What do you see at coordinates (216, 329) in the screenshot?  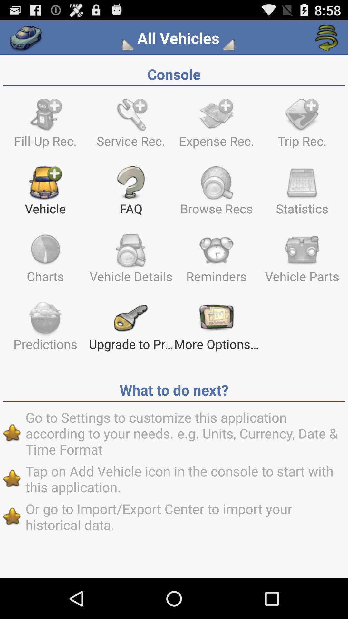 I see `the fourth row third image along with the text` at bounding box center [216, 329].